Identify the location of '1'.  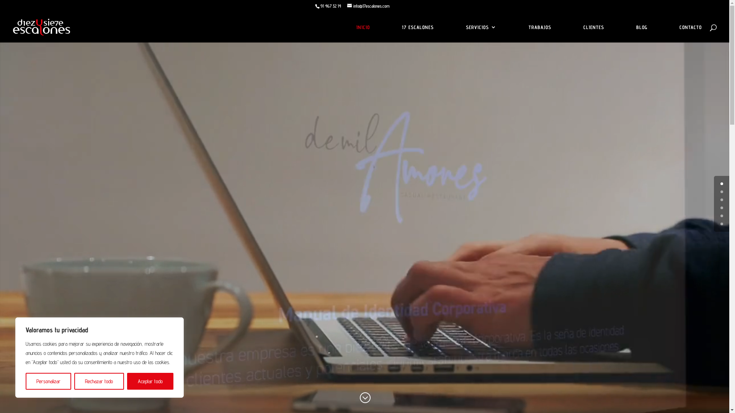
(720, 191).